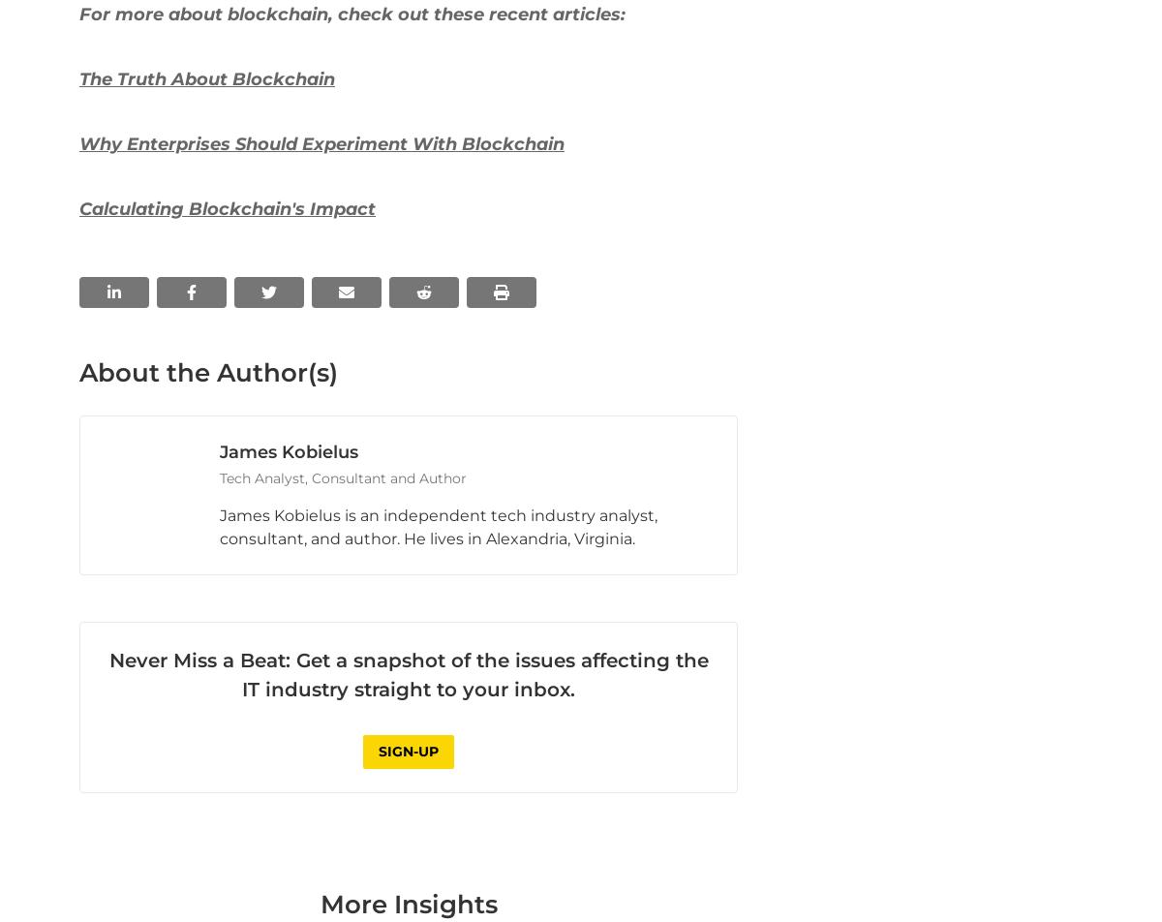  What do you see at coordinates (191, 132) in the screenshot?
I see `','` at bounding box center [191, 132].